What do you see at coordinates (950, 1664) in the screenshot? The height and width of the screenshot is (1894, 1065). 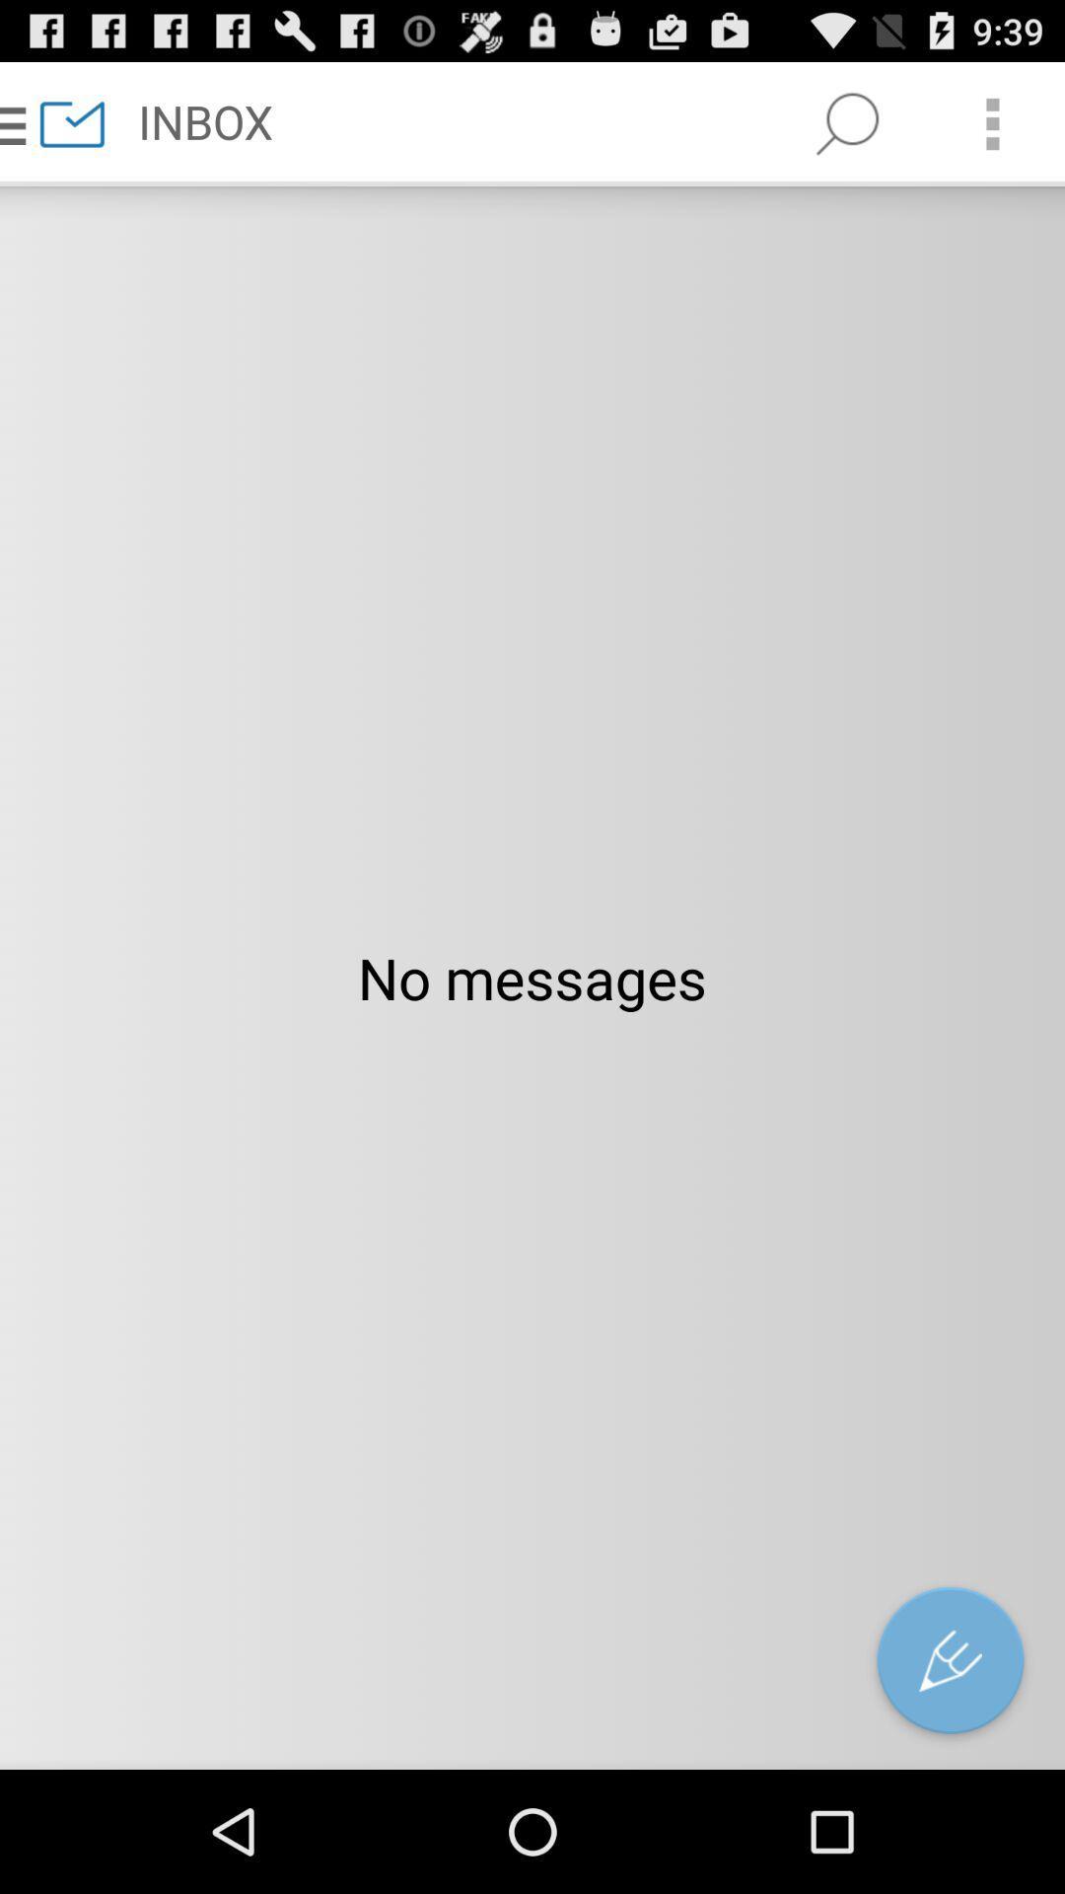 I see `write` at bounding box center [950, 1664].